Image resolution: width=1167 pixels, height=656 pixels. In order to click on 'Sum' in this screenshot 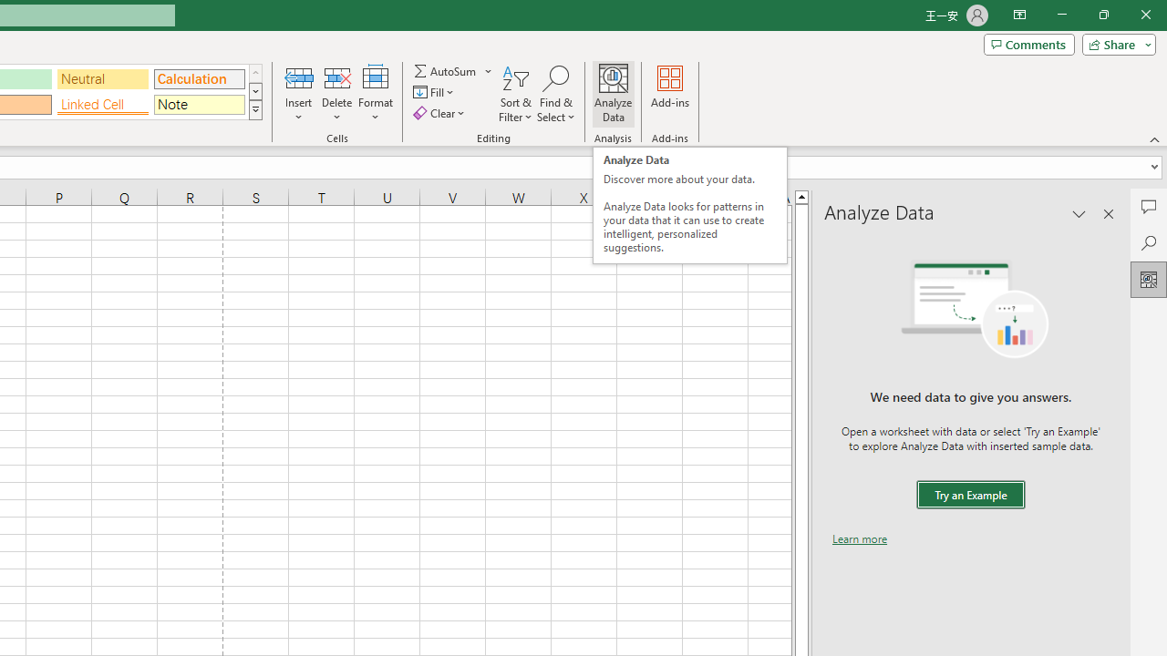, I will do `click(446, 70)`.